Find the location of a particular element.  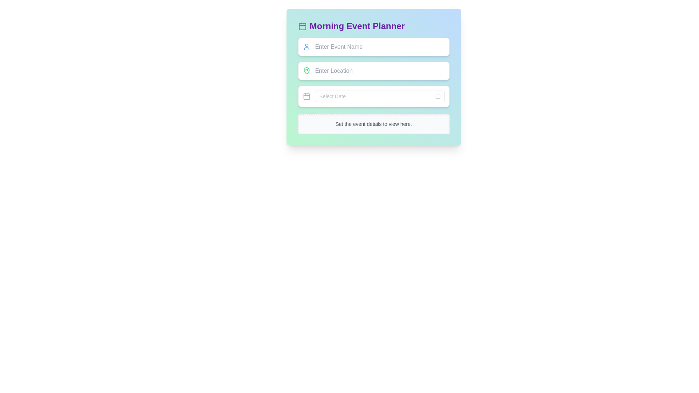

the visual cue icon indicating the purpose of the adjacent 'Enter Location' input field, which is located at the left end of the input field is located at coordinates (307, 71).